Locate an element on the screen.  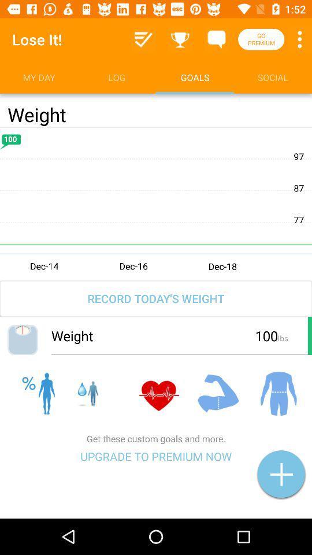
show a graphic about lose weight is located at coordinates (156, 203).